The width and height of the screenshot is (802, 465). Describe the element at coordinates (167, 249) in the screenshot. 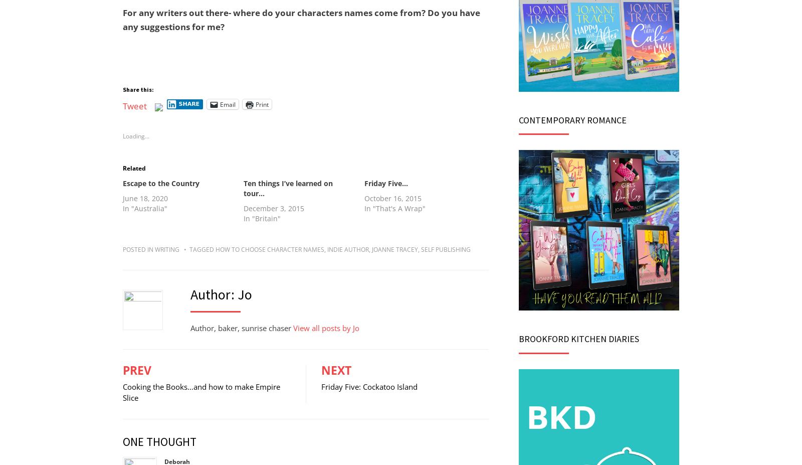

I see `'Writing'` at that location.